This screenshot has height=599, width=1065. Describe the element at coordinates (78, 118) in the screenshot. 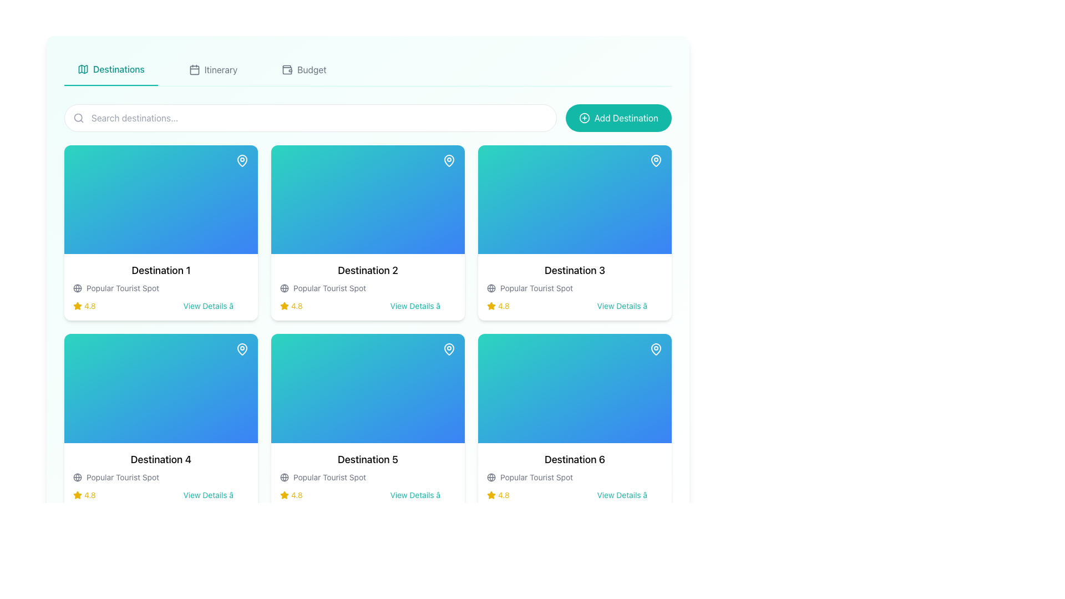

I see `the circular vector graphic element within the search icon located near the top-center of the interface, left of the search bar` at that location.